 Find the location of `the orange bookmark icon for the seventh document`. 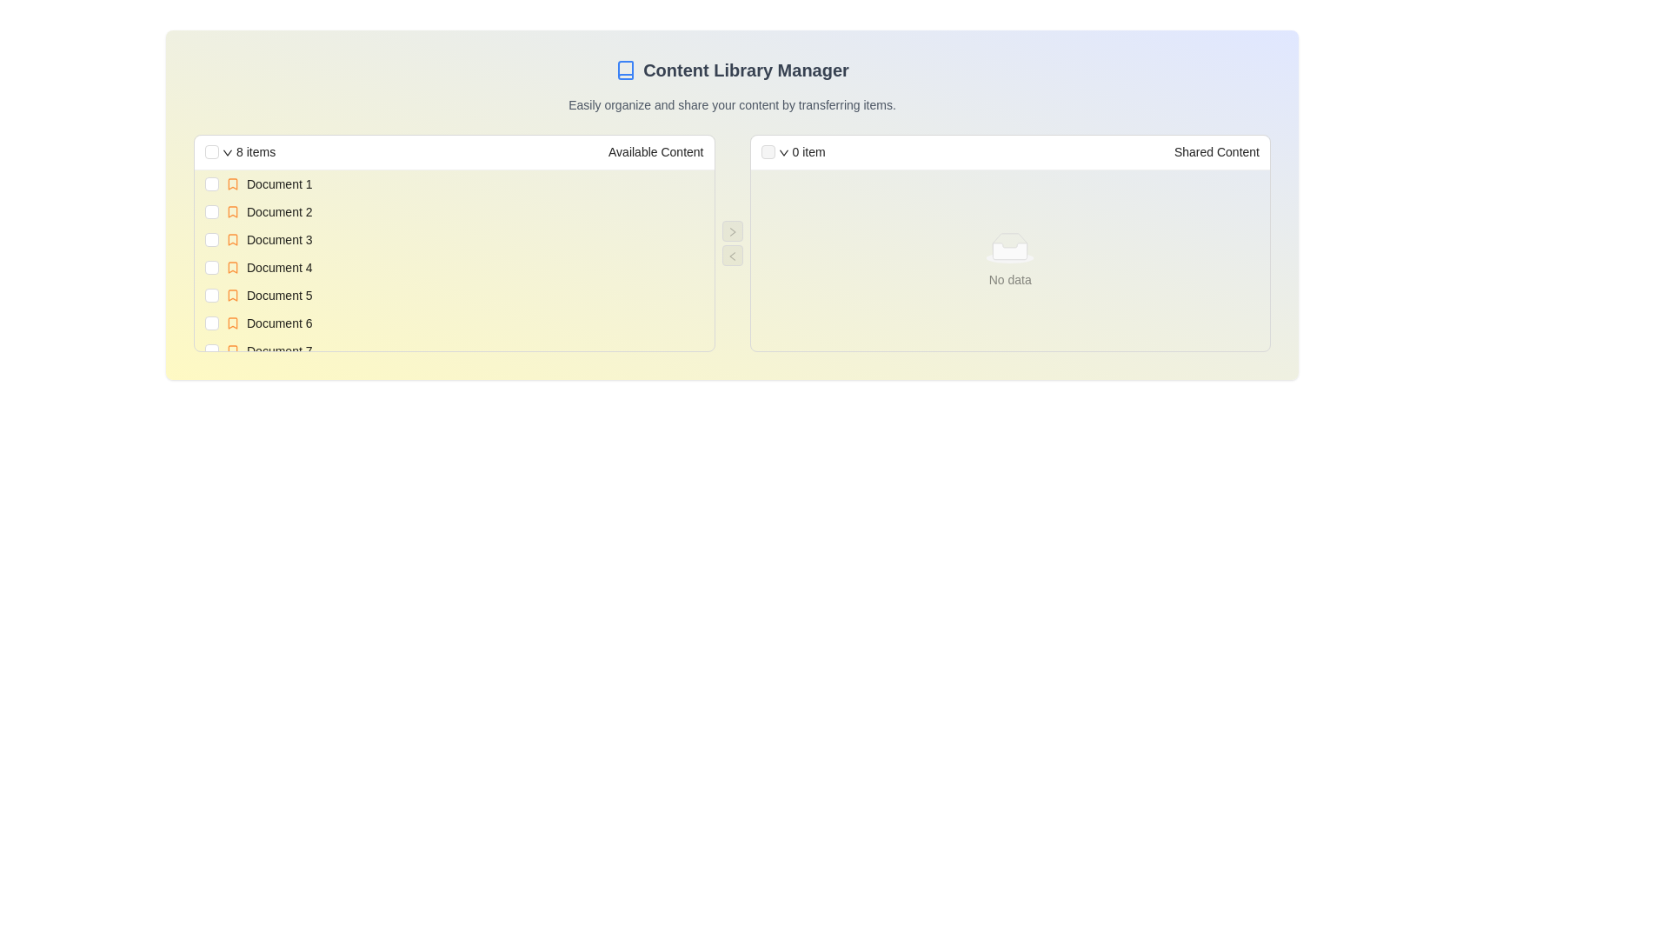

the orange bookmark icon for the seventh document is located at coordinates (232, 351).